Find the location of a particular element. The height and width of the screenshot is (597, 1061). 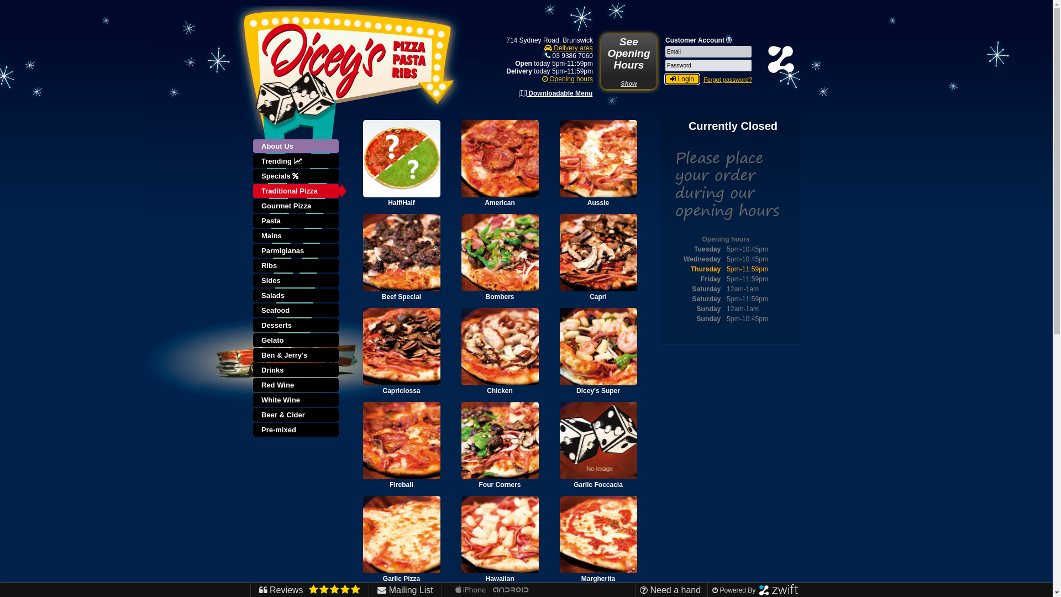

'About Us' is located at coordinates (300, 146).